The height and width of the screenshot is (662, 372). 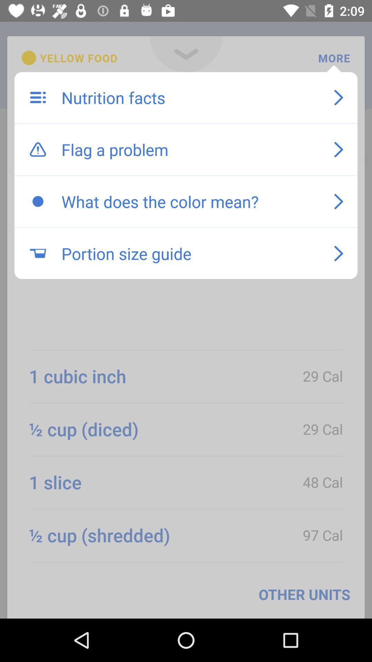 What do you see at coordinates (190, 149) in the screenshot?
I see `item above the what does the` at bounding box center [190, 149].